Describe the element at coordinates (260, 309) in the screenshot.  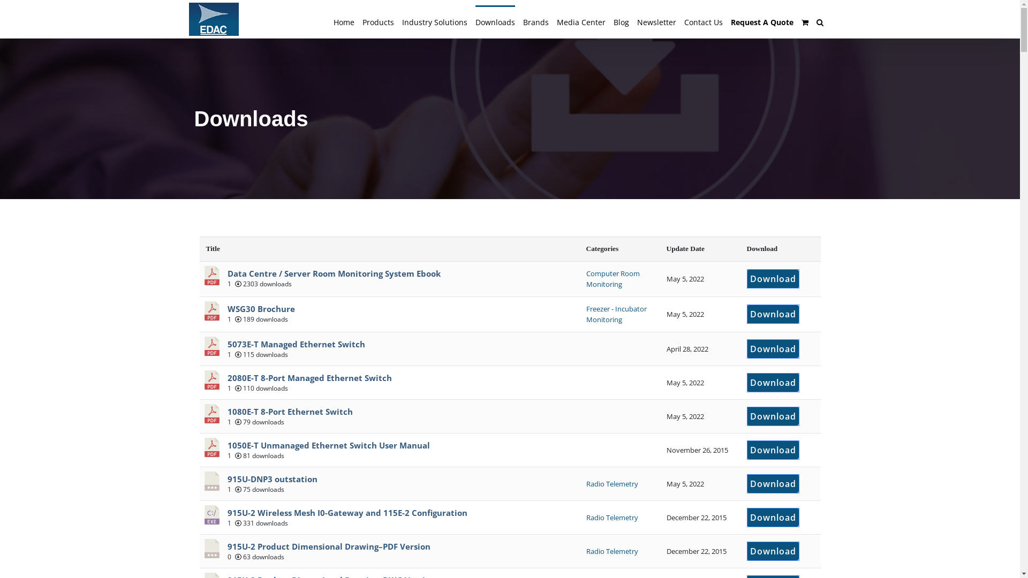
I see `'WSG30 Brochure'` at that location.